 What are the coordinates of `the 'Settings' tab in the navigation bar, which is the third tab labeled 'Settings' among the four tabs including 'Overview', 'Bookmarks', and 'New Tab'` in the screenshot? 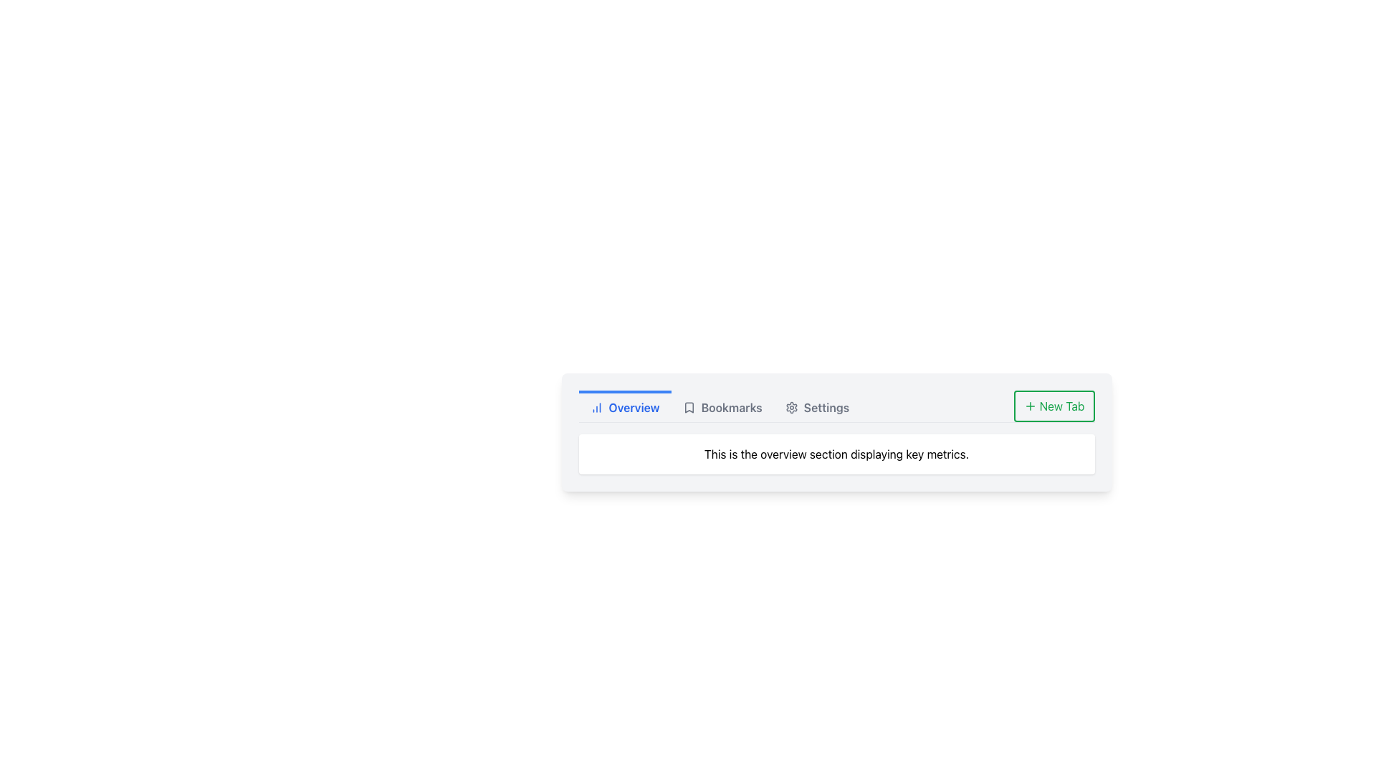 It's located at (836, 406).